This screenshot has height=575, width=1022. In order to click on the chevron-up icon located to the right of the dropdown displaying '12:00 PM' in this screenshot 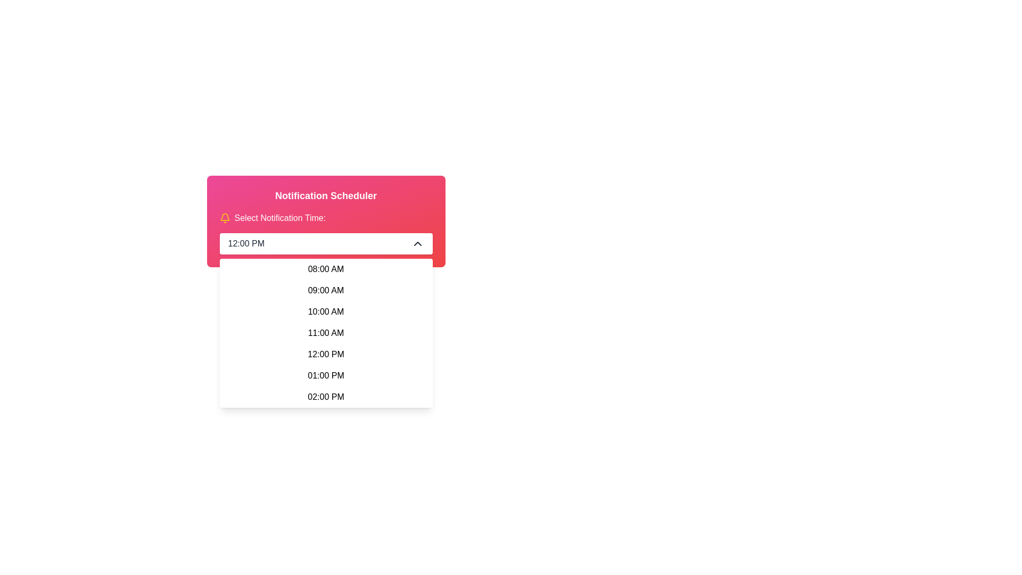, I will do `click(417, 244)`.